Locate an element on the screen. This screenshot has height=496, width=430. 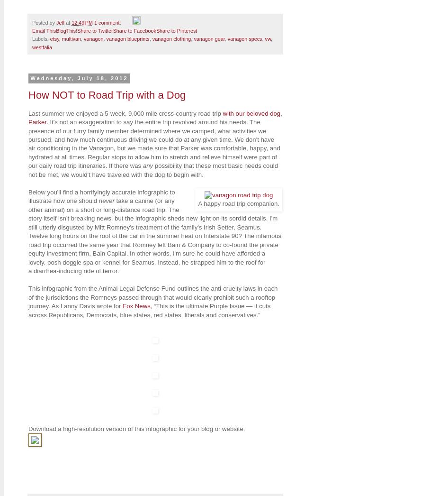
'. It's not an exaggeration to say the entire trip revolved around his needs. The presence of our furry family member determined where we camped, what activities we pursued, and how much continuous driving we could do at any given time. We don't have air conditioning in the Vanagon, but we made sure that Parker was comfortable, happy, and hydrated at all times. Regular stops to allow him to stretch and relieve himself were part of our daily road trip itineraries. If there was' is located at coordinates (153, 144).